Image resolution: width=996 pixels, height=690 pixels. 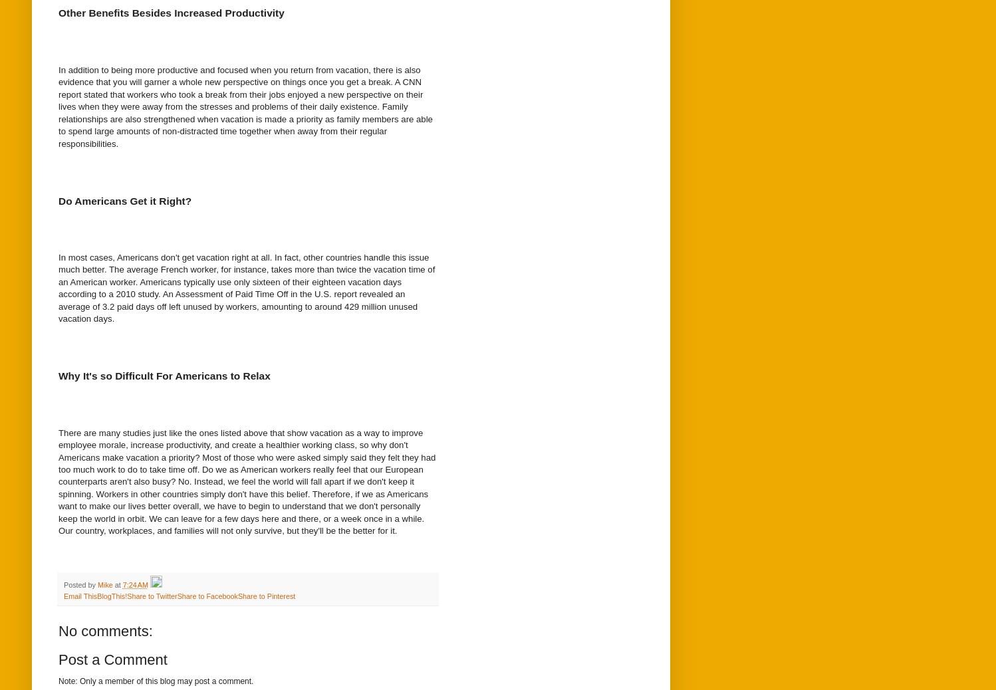 I want to click on 'Post a Comment', so click(x=57, y=659).